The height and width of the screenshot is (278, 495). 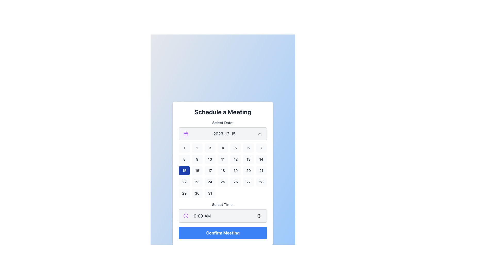 I want to click on the numeric button labeled '18', which is styled with a light gray background and medium-dark gray text color, located in the third row and fourth column of a calendar grid layout, so click(x=223, y=171).